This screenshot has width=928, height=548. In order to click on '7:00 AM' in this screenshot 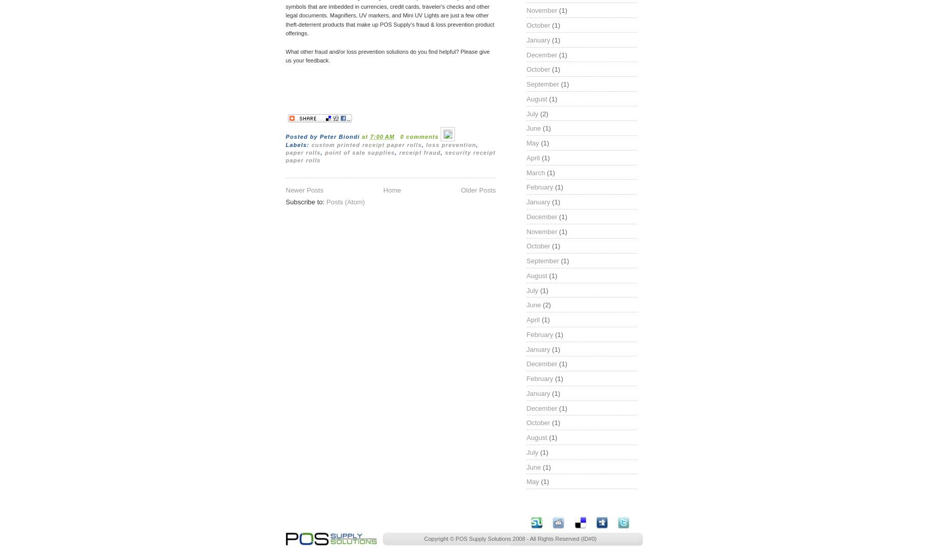, I will do `click(369, 136)`.